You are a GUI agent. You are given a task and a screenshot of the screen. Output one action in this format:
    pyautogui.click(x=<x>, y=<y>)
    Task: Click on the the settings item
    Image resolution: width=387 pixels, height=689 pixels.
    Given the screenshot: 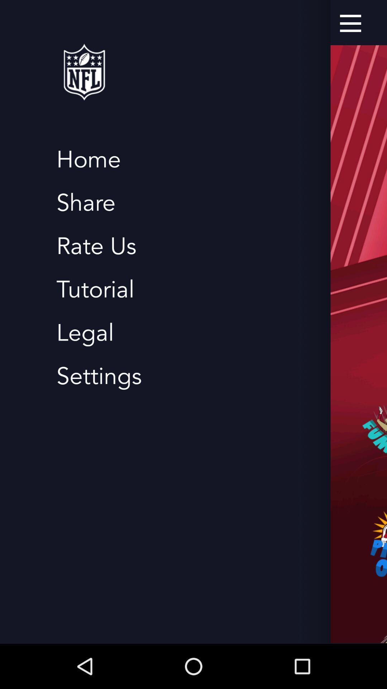 What is the action you would take?
    pyautogui.click(x=99, y=376)
    